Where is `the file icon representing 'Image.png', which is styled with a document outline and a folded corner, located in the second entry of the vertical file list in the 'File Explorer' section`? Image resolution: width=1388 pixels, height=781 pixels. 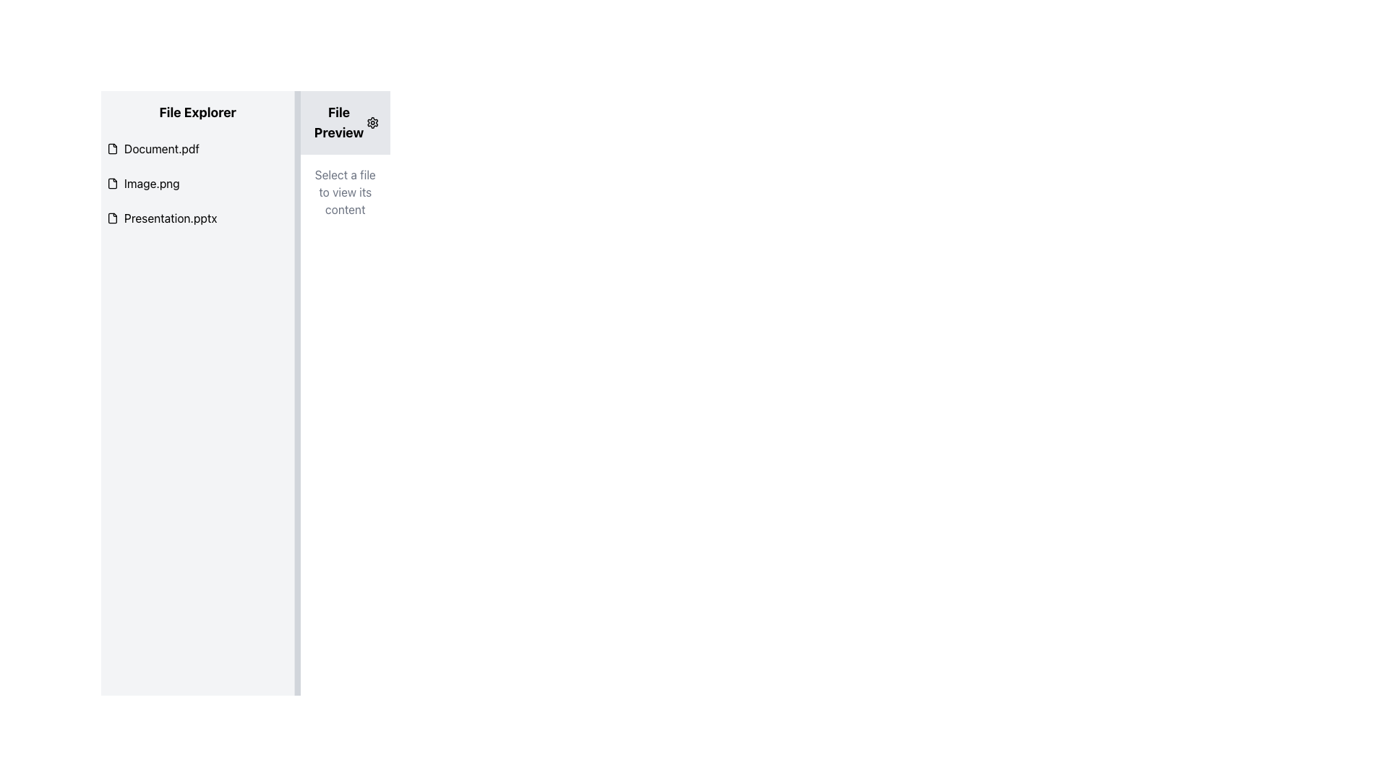 the file icon representing 'Image.png', which is styled with a document outline and a folded corner, located in the second entry of the vertical file list in the 'File Explorer' section is located at coordinates (112, 183).